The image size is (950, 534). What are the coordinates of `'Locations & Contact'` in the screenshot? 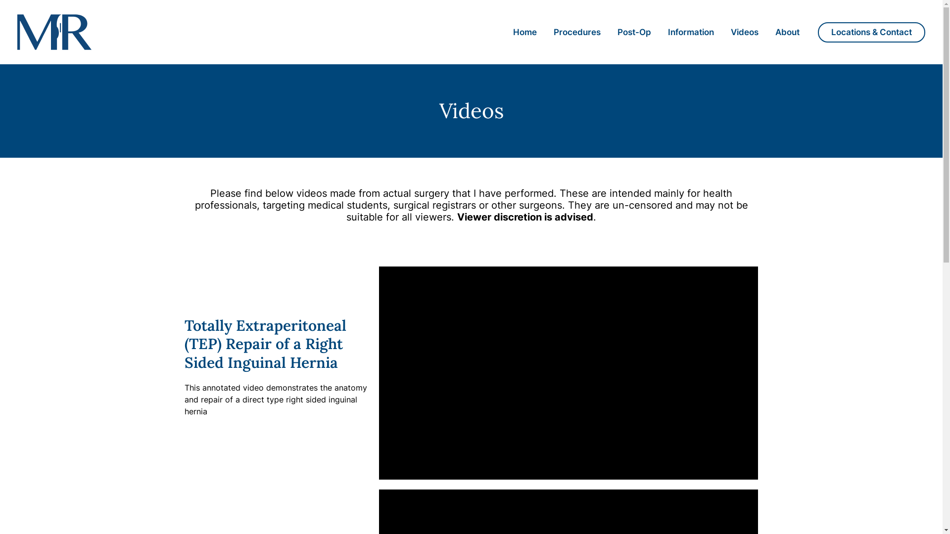 It's located at (871, 31).